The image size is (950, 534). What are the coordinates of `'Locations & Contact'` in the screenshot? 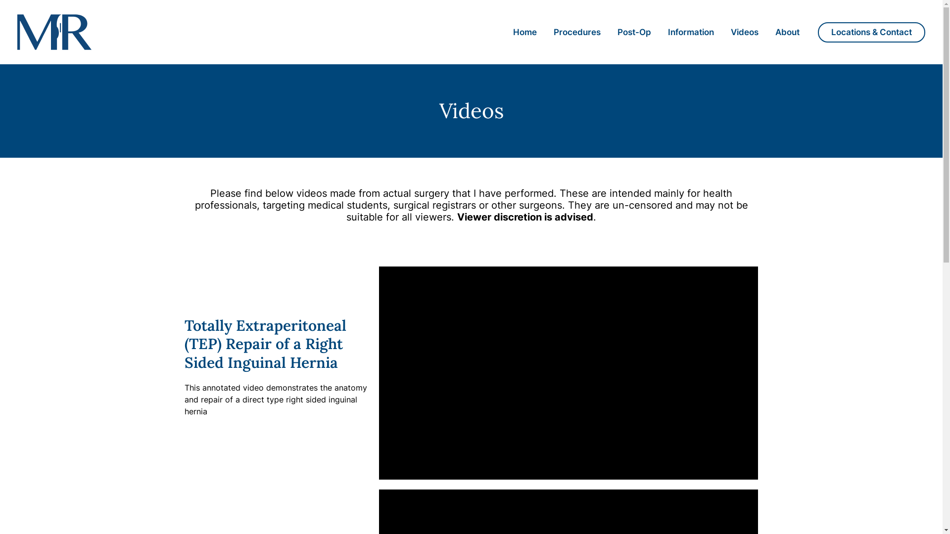 It's located at (871, 31).